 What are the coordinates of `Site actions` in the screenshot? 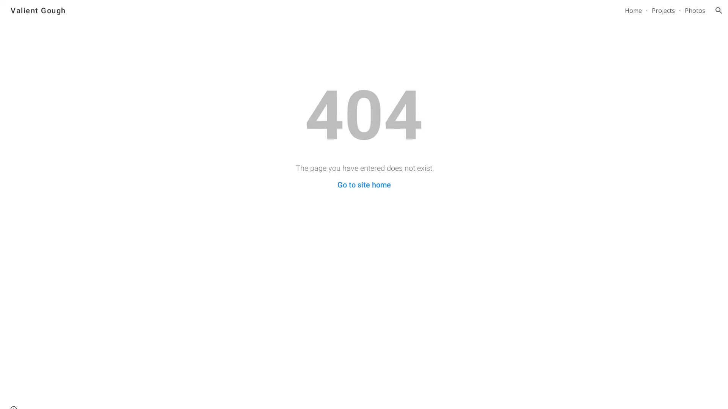 It's located at (13, 395).